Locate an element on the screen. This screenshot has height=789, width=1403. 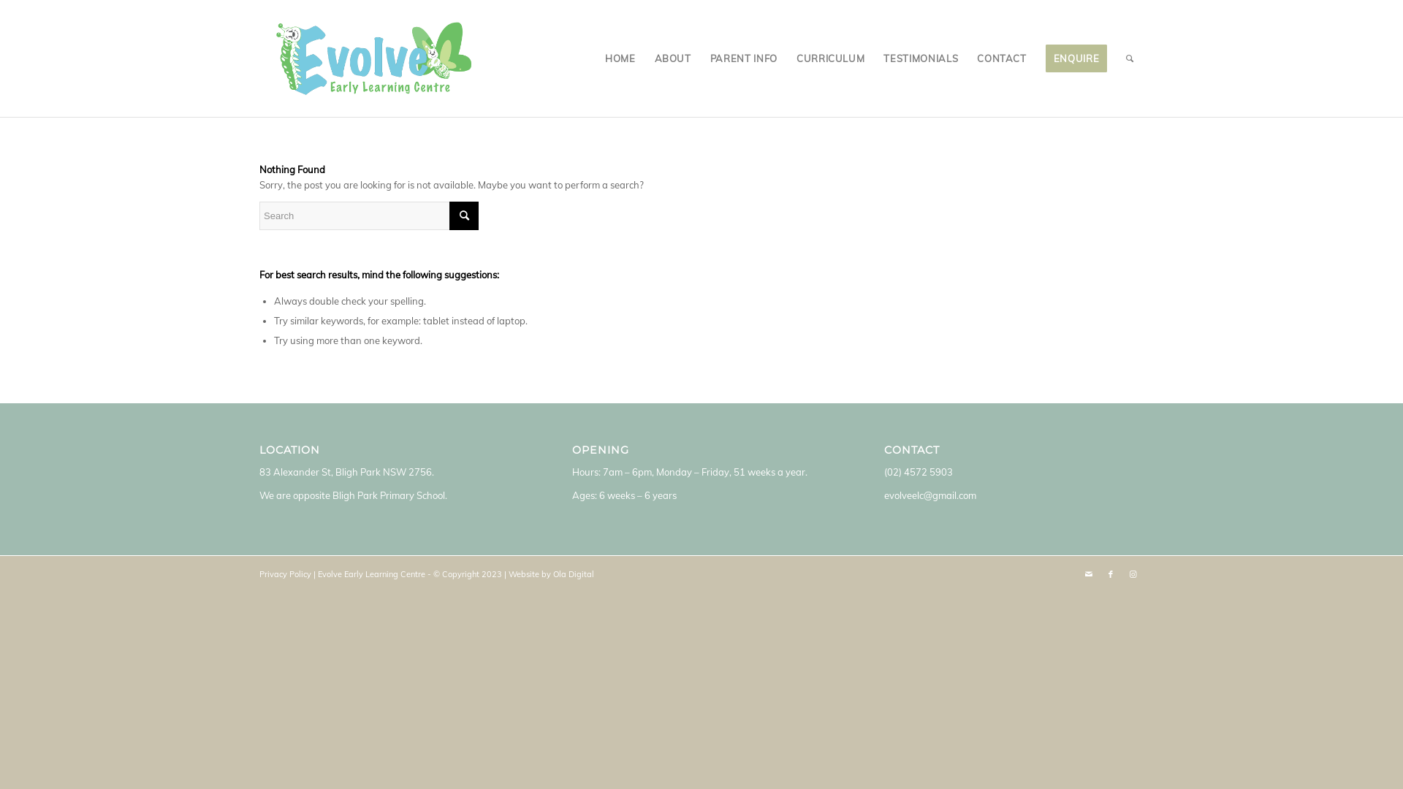
'ENQUIRE' is located at coordinates (1076, 58).